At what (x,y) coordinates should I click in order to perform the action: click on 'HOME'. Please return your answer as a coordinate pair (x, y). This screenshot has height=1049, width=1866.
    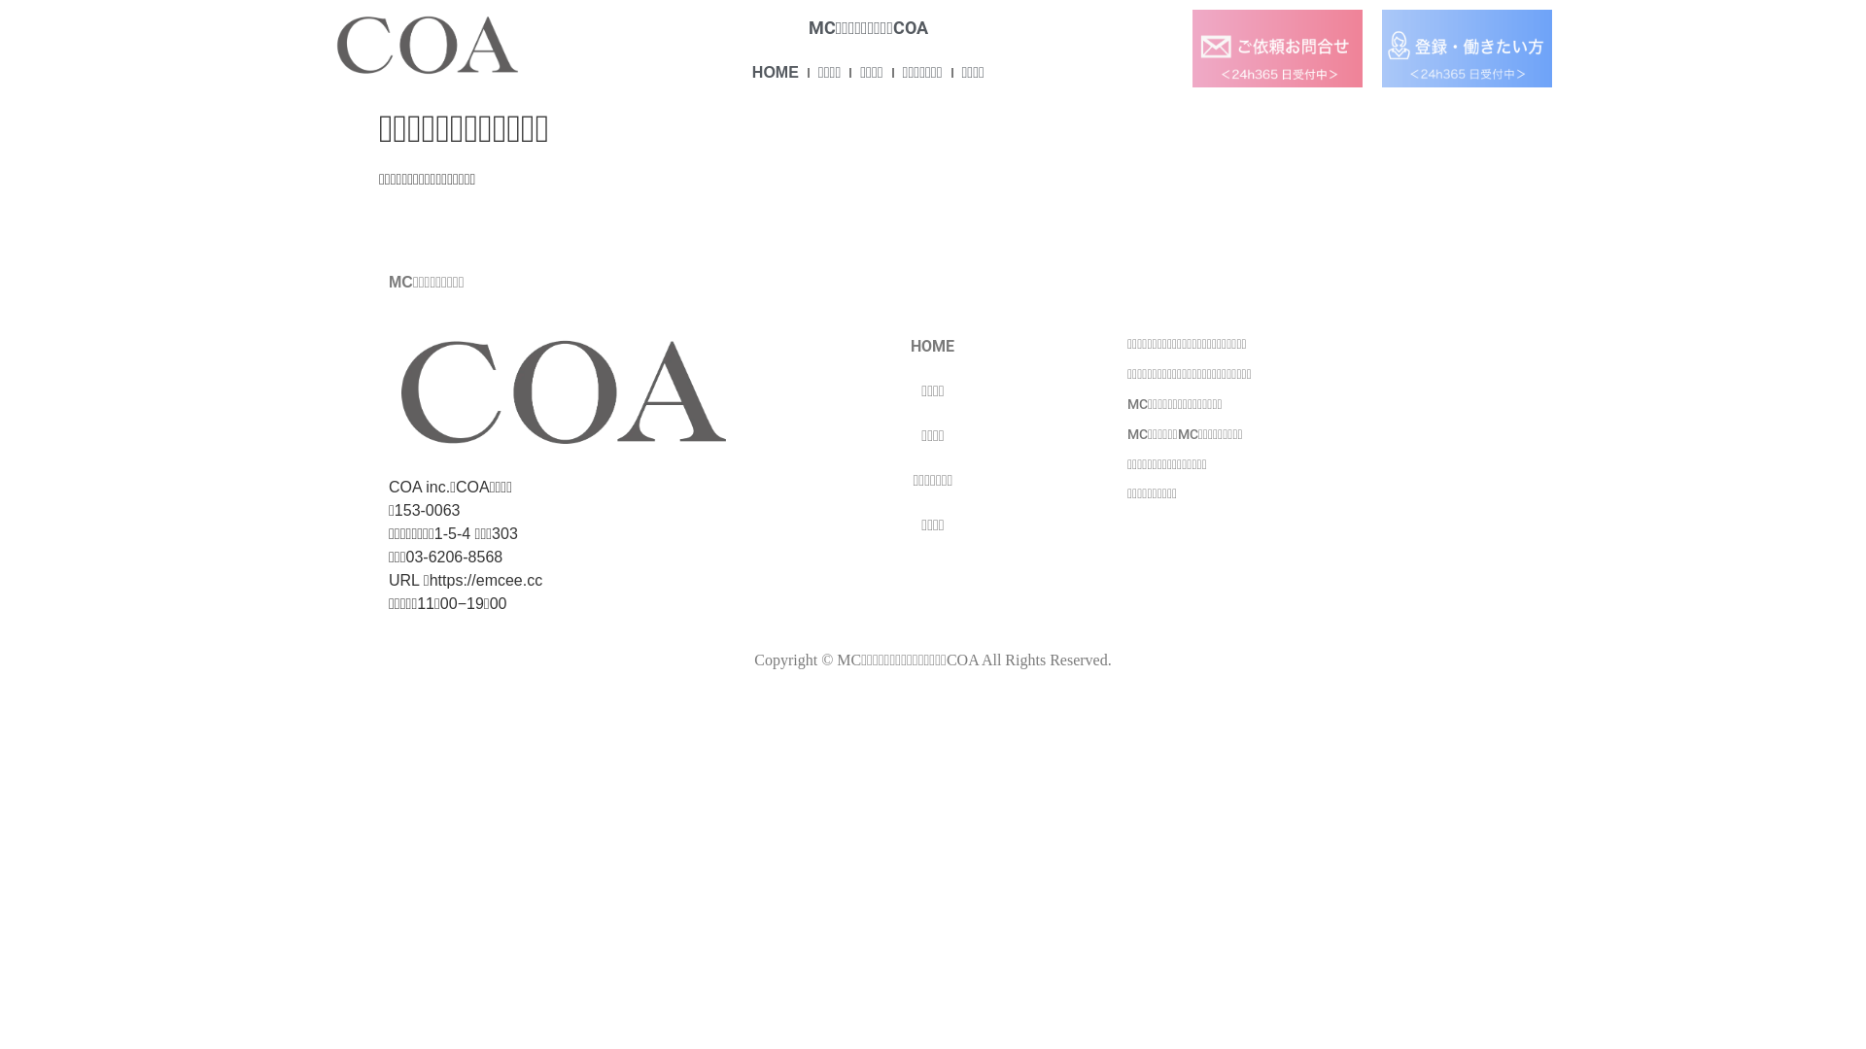
    Looking at the image, I should click on (933, 346).